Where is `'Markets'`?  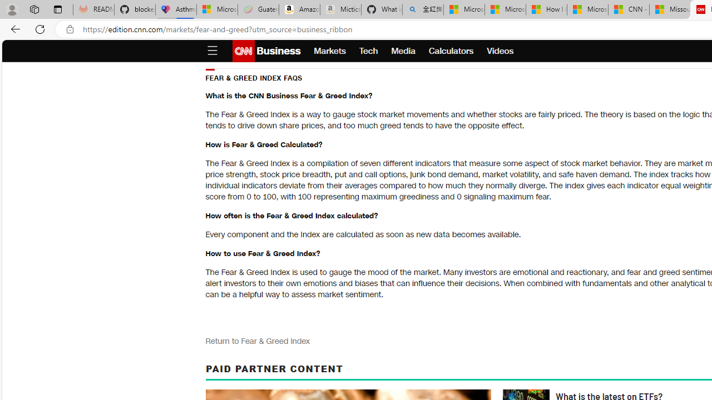
'Markets' is located at coordinates (329, 51).